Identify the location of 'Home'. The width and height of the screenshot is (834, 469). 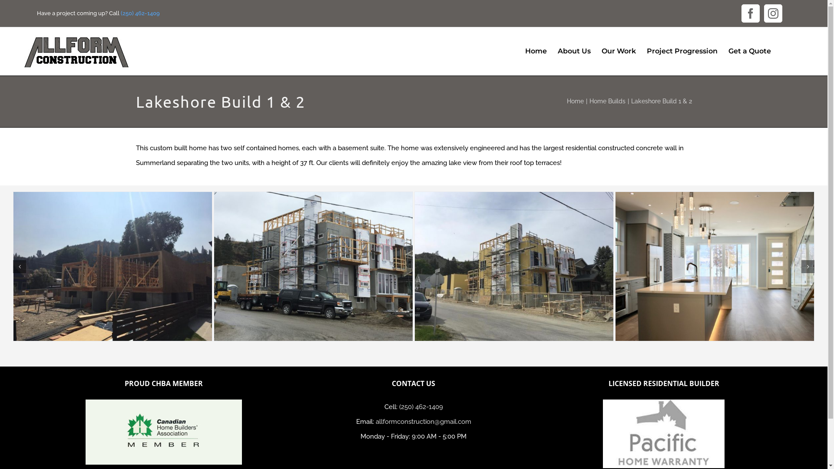
(575, 100).